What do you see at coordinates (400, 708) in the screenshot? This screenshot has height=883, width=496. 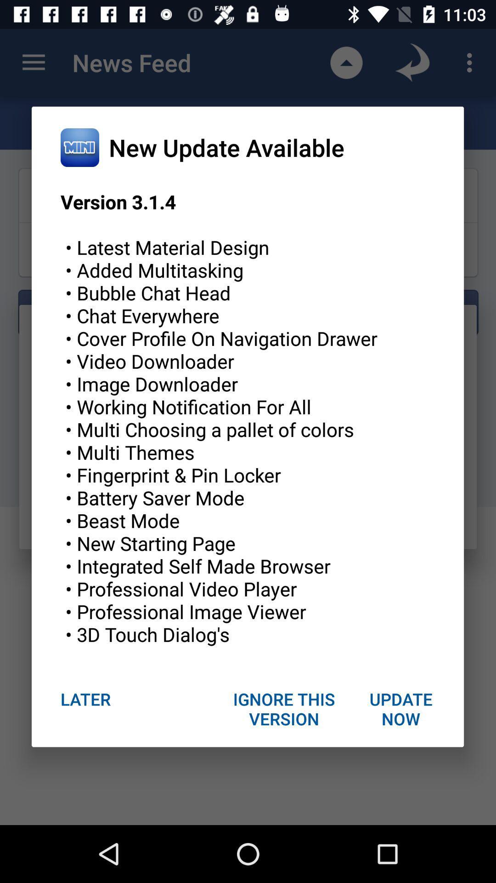 I see `item next to ignore this` at bounding box center [400, 708].